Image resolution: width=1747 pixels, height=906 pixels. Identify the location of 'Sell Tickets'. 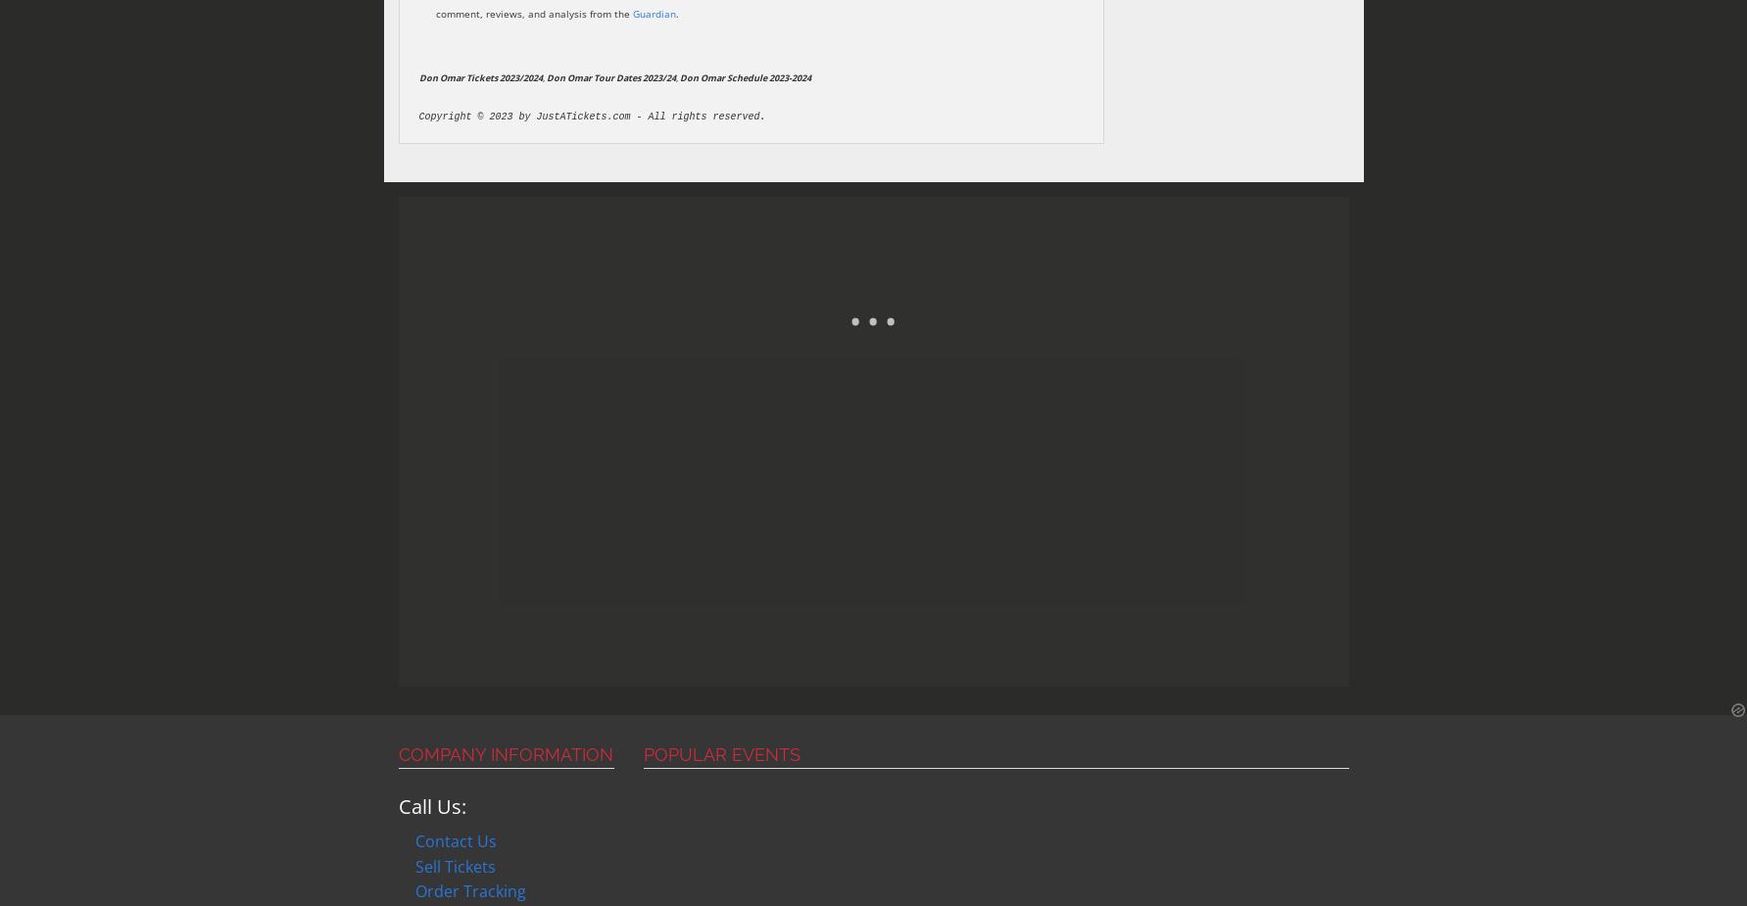
(456, 866).